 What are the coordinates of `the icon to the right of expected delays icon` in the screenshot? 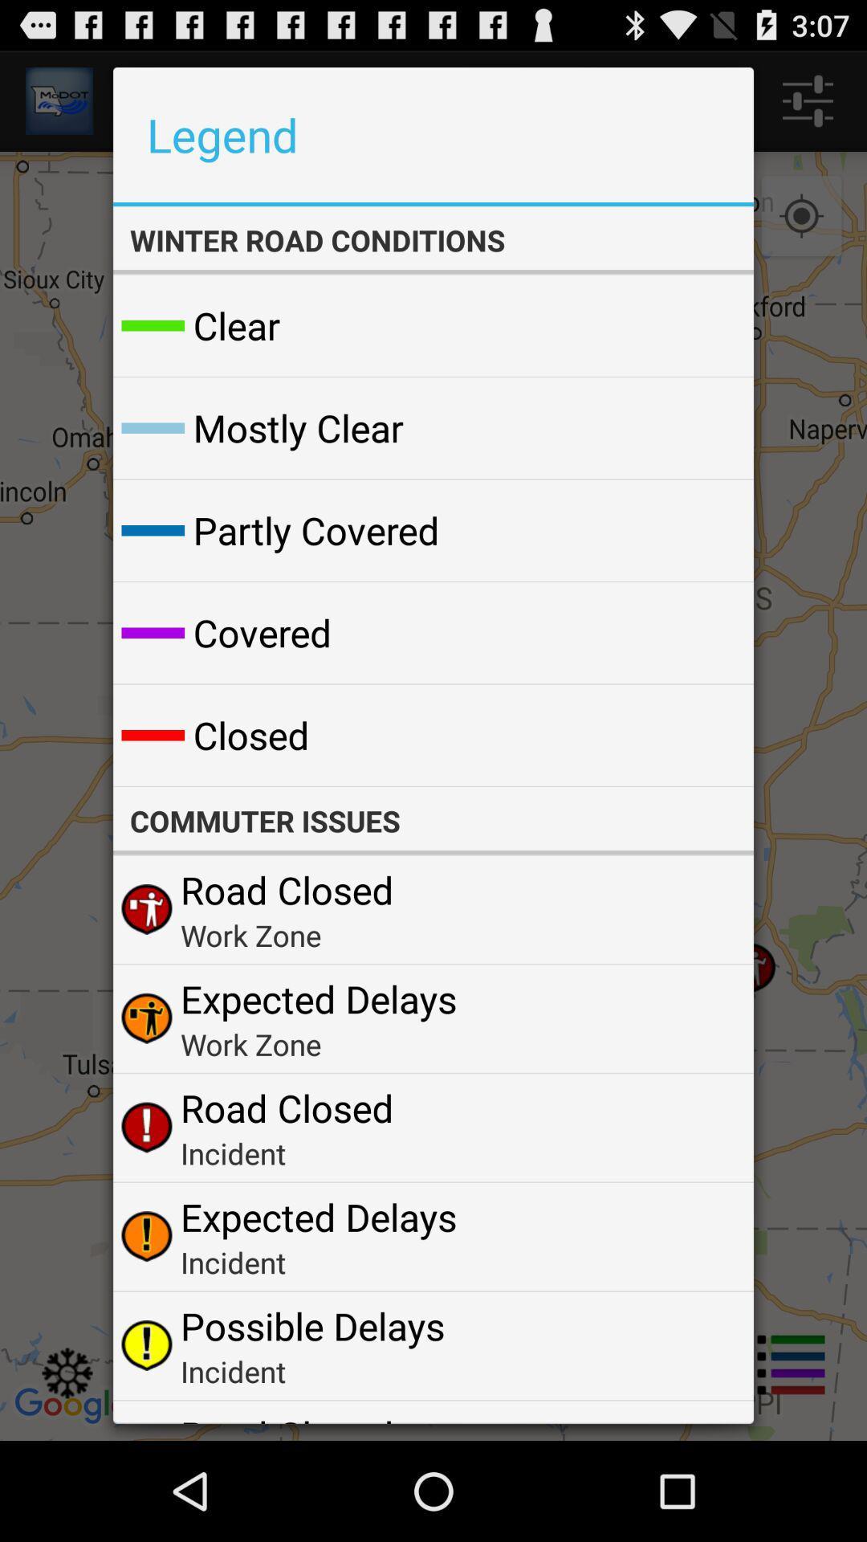 It's located at (702, 1018).